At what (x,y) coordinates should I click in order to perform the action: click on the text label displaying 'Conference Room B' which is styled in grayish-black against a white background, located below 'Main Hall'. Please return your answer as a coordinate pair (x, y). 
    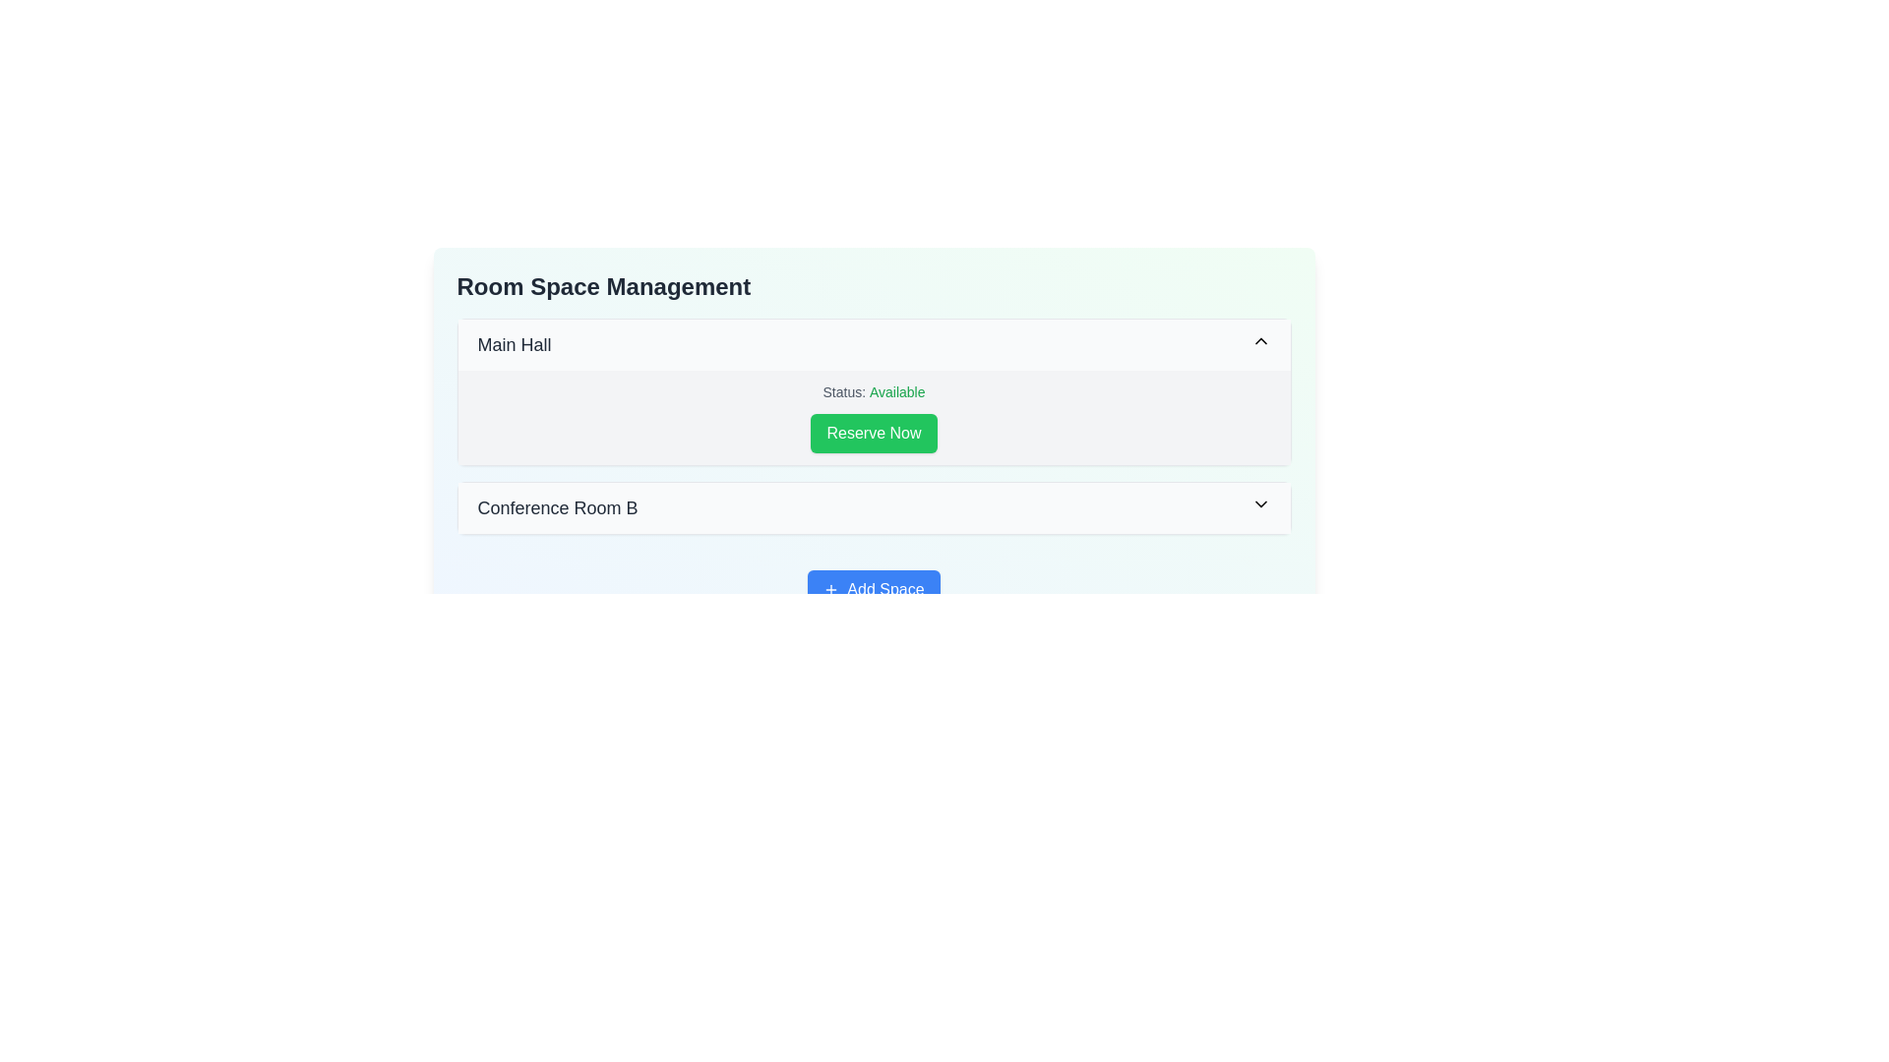
    Looking at the image, I should click on (556, 506).